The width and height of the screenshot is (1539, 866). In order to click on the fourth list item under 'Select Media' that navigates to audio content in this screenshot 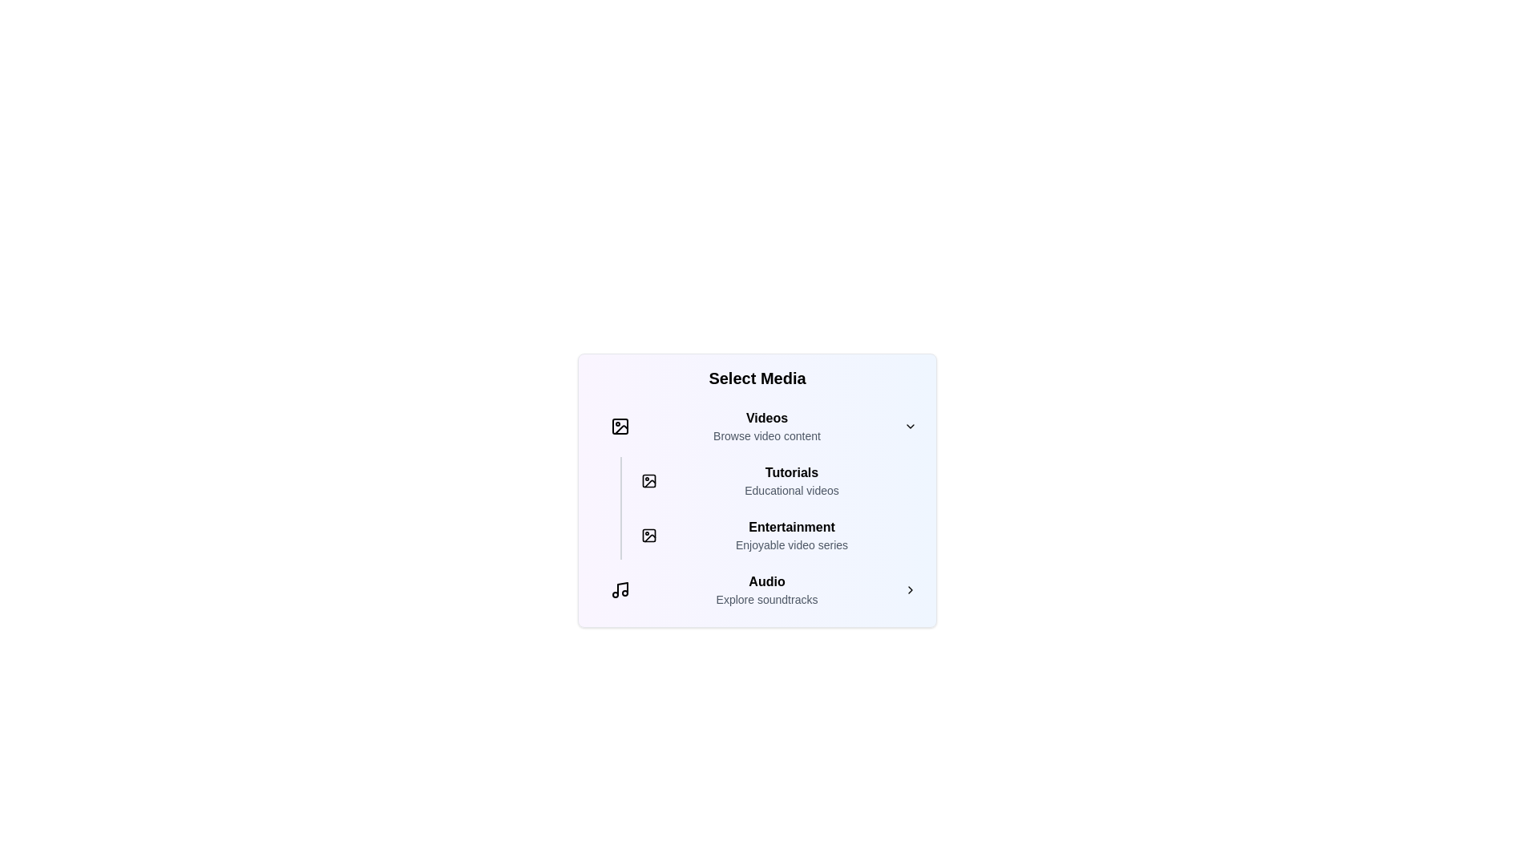, I will do `click(763, 590)`.